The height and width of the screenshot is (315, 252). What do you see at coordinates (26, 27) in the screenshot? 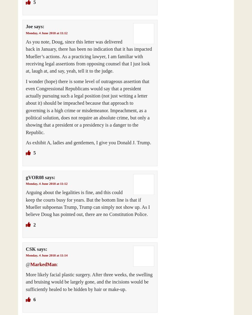
I see `'Joe'` at bounding box center [26, 27].